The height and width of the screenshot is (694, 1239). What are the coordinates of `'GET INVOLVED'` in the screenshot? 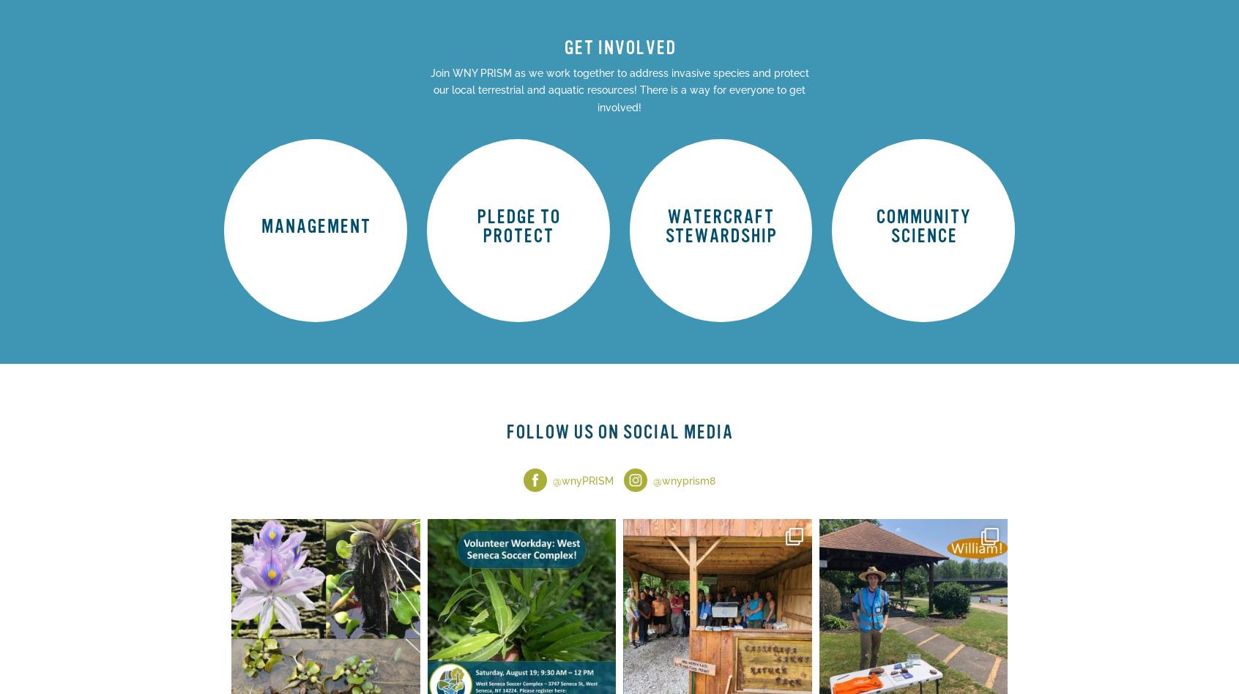 It's located at (619, 47).